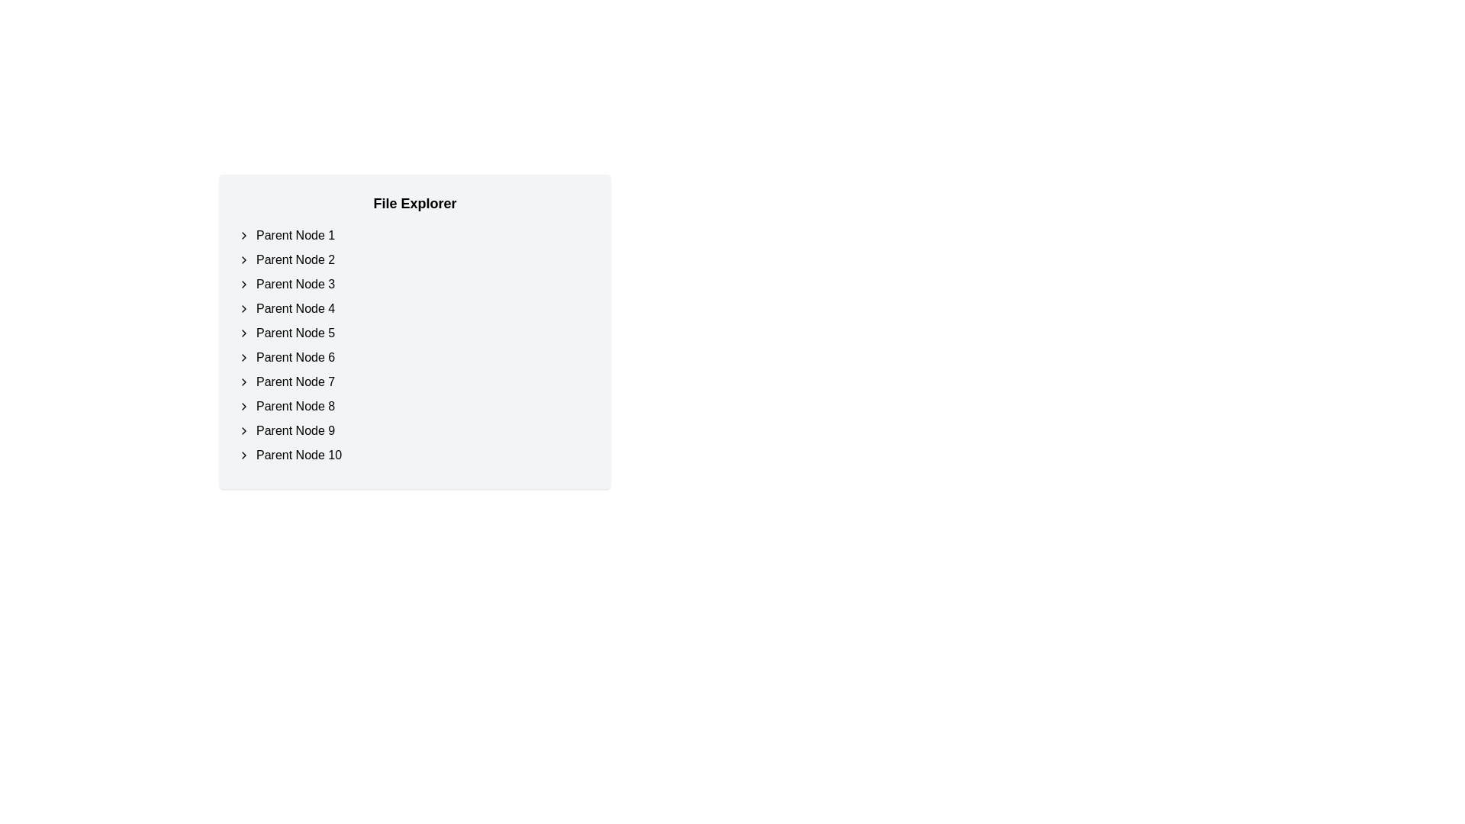  What do you see at coordinates (414, 381) in the screenshot?
I see `the seventh list item with an expandable/collapsible icon and text label` at bounding box center [414, 381].